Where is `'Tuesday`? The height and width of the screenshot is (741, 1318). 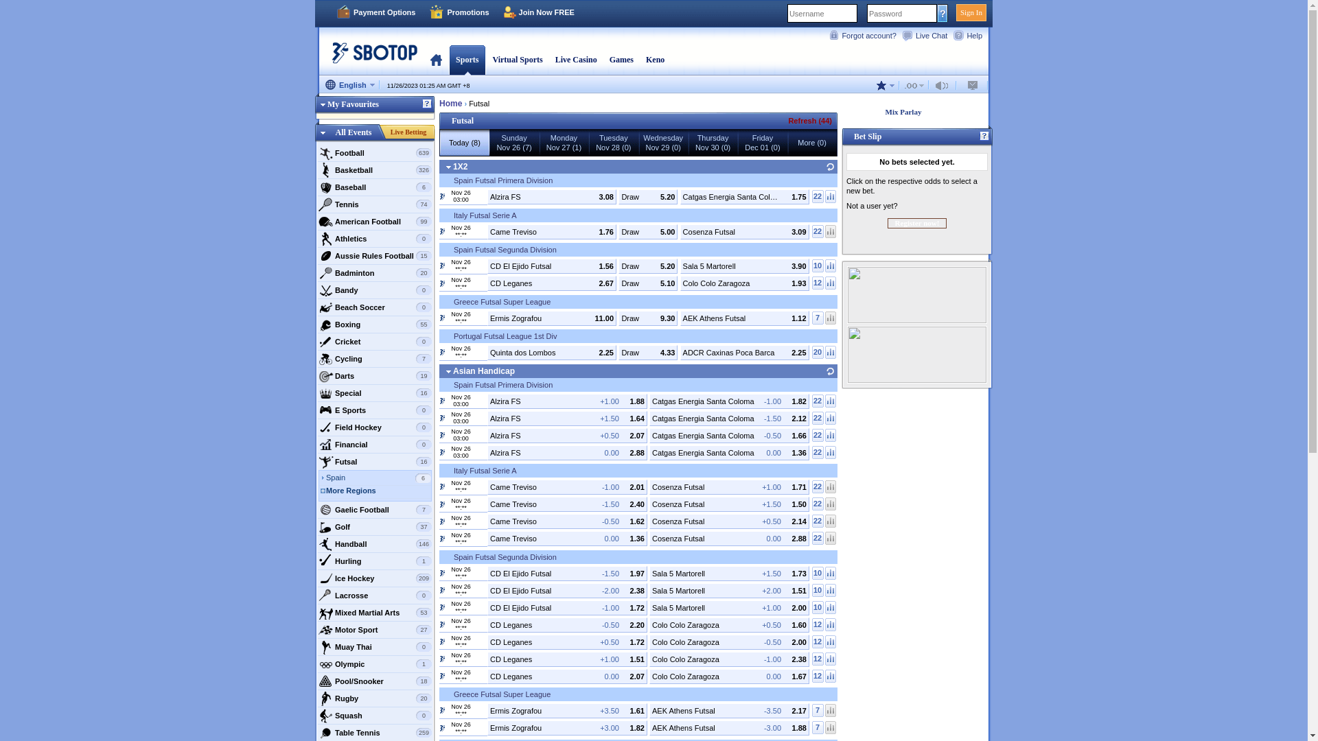
'Tuesday is located at coordinates (612, 143).